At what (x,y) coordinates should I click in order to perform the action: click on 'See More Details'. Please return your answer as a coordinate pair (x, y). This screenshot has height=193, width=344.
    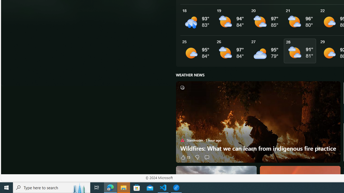
    Looking at the image, I should click on (301, 51).